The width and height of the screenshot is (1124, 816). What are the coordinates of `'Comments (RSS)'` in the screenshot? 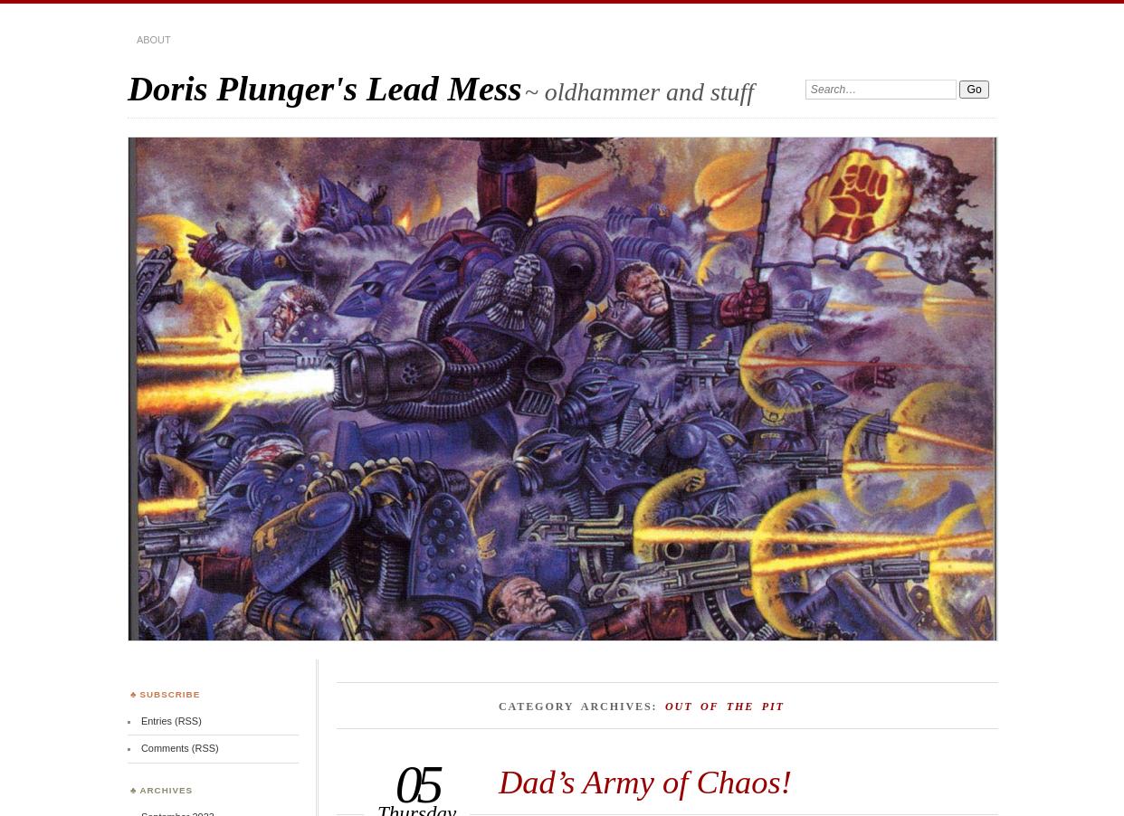 It's located at (139, 747).